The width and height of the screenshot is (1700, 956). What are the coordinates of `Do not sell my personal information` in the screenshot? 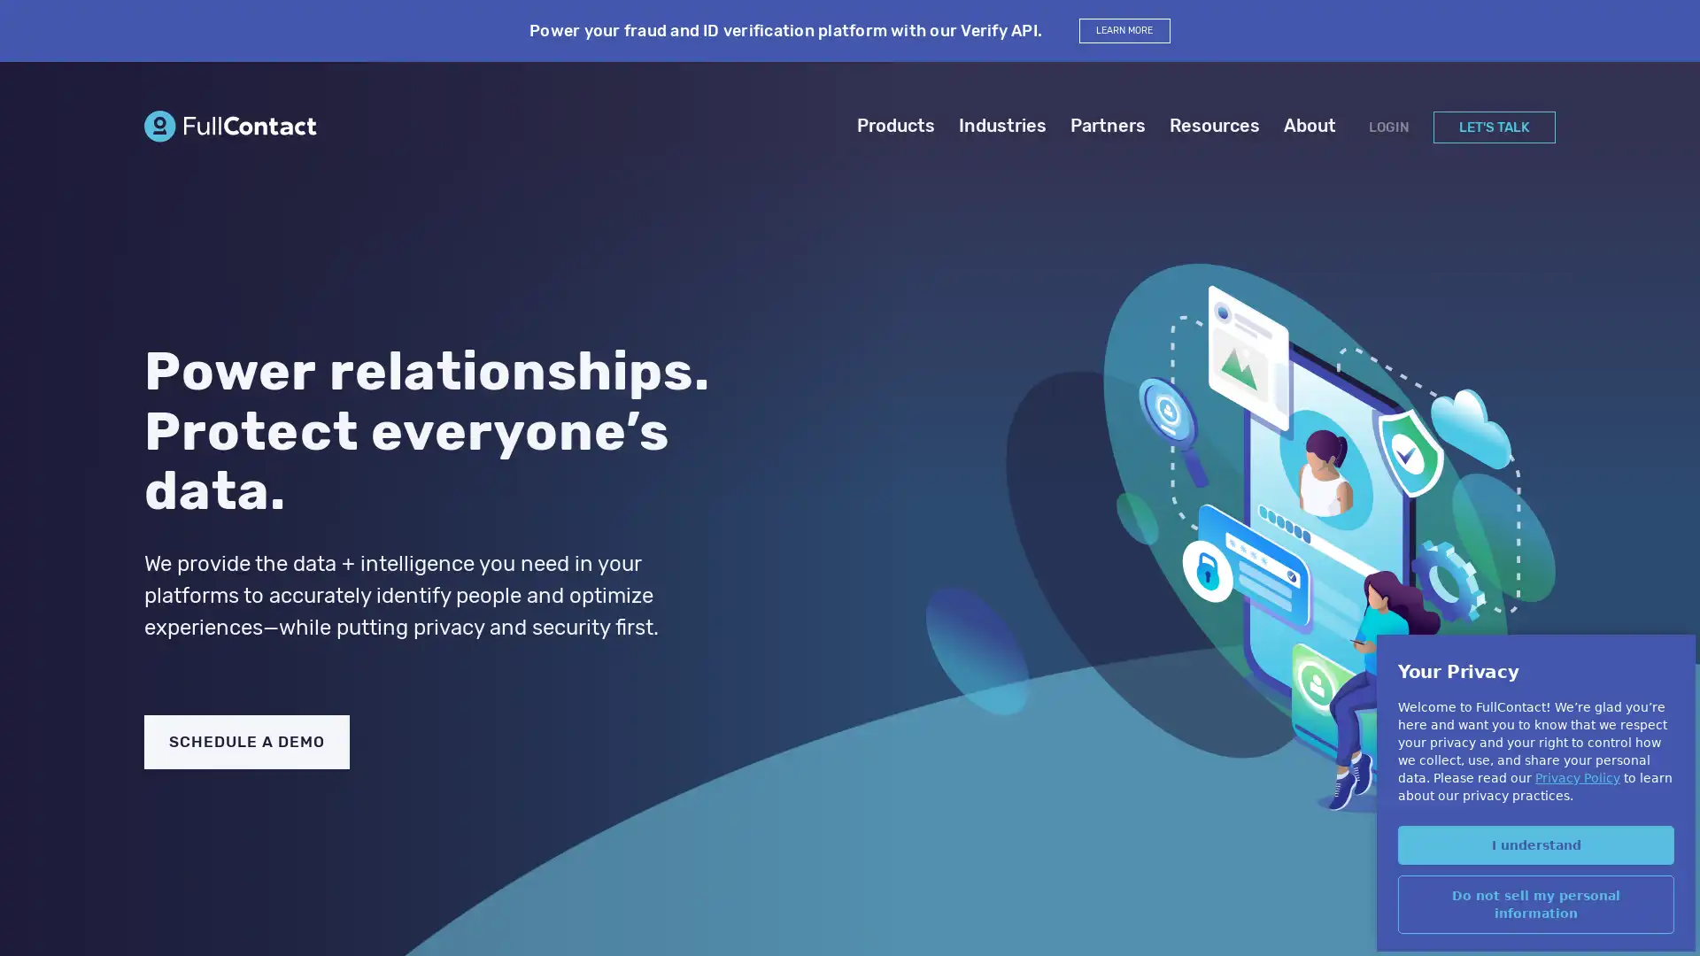 It's located at (1534, 904).